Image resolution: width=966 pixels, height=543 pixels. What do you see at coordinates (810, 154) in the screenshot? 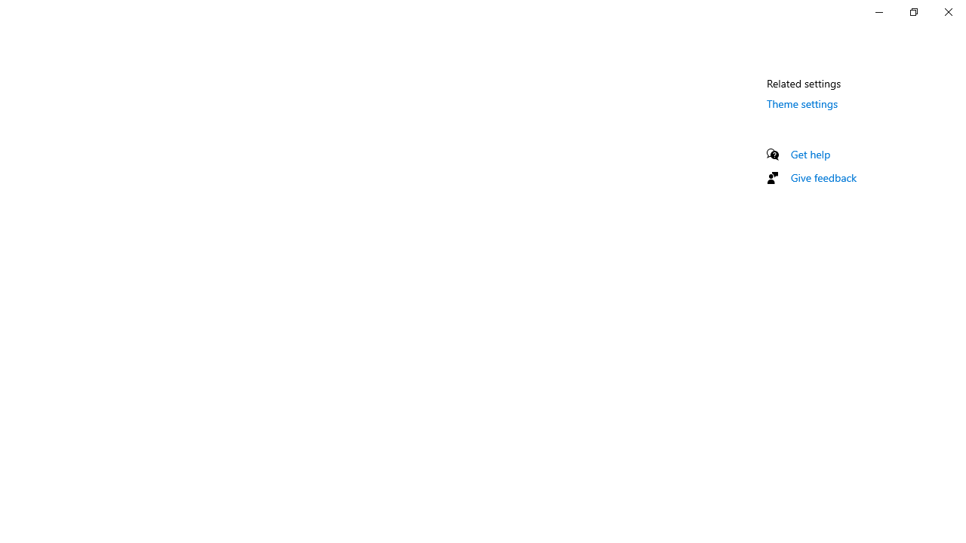
I see `'Get help'` at bounding box center [810, 154].